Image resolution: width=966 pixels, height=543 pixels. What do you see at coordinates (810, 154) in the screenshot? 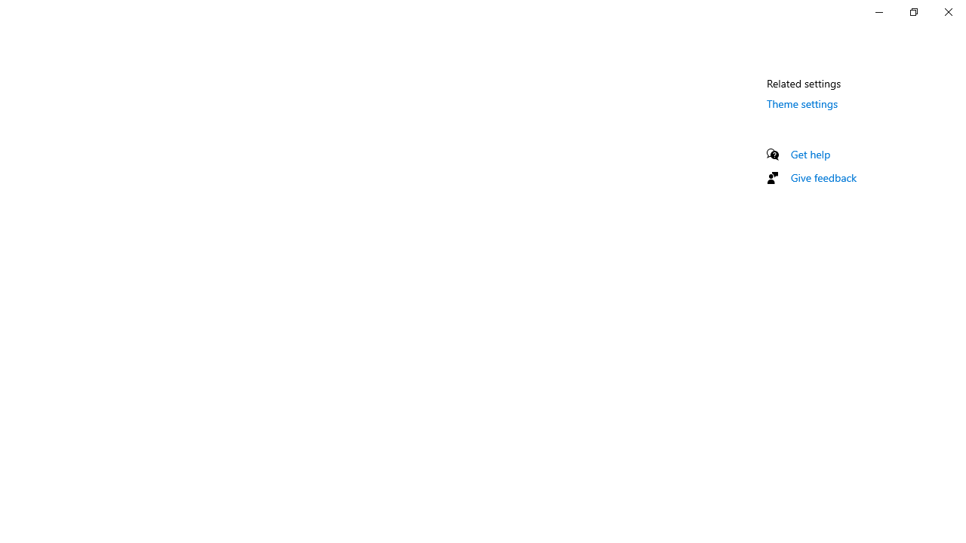
I see `'Get help'` at bounding box center [810, 154].